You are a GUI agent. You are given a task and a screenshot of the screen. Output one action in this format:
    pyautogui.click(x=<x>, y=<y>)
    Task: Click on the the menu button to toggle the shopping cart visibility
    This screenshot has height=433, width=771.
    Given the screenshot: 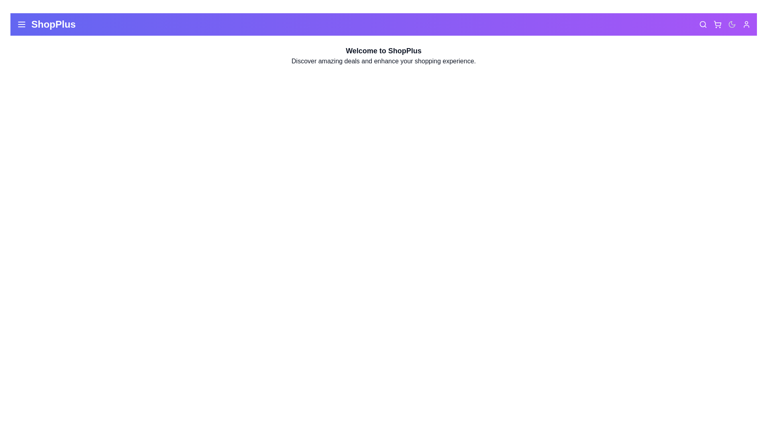 What is the action you would take?
    pyautogui.click(x=21, y=24)
    